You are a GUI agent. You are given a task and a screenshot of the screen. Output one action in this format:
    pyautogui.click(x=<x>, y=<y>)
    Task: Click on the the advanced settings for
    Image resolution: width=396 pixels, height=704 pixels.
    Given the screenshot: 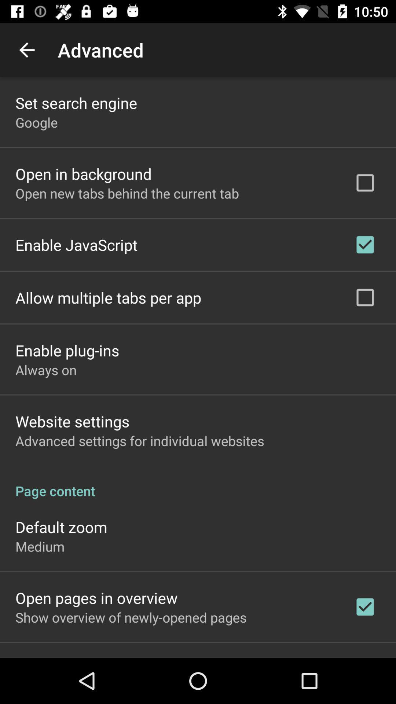 What is the action you would take?
    pyautogui.click(x=140, y=440)
    